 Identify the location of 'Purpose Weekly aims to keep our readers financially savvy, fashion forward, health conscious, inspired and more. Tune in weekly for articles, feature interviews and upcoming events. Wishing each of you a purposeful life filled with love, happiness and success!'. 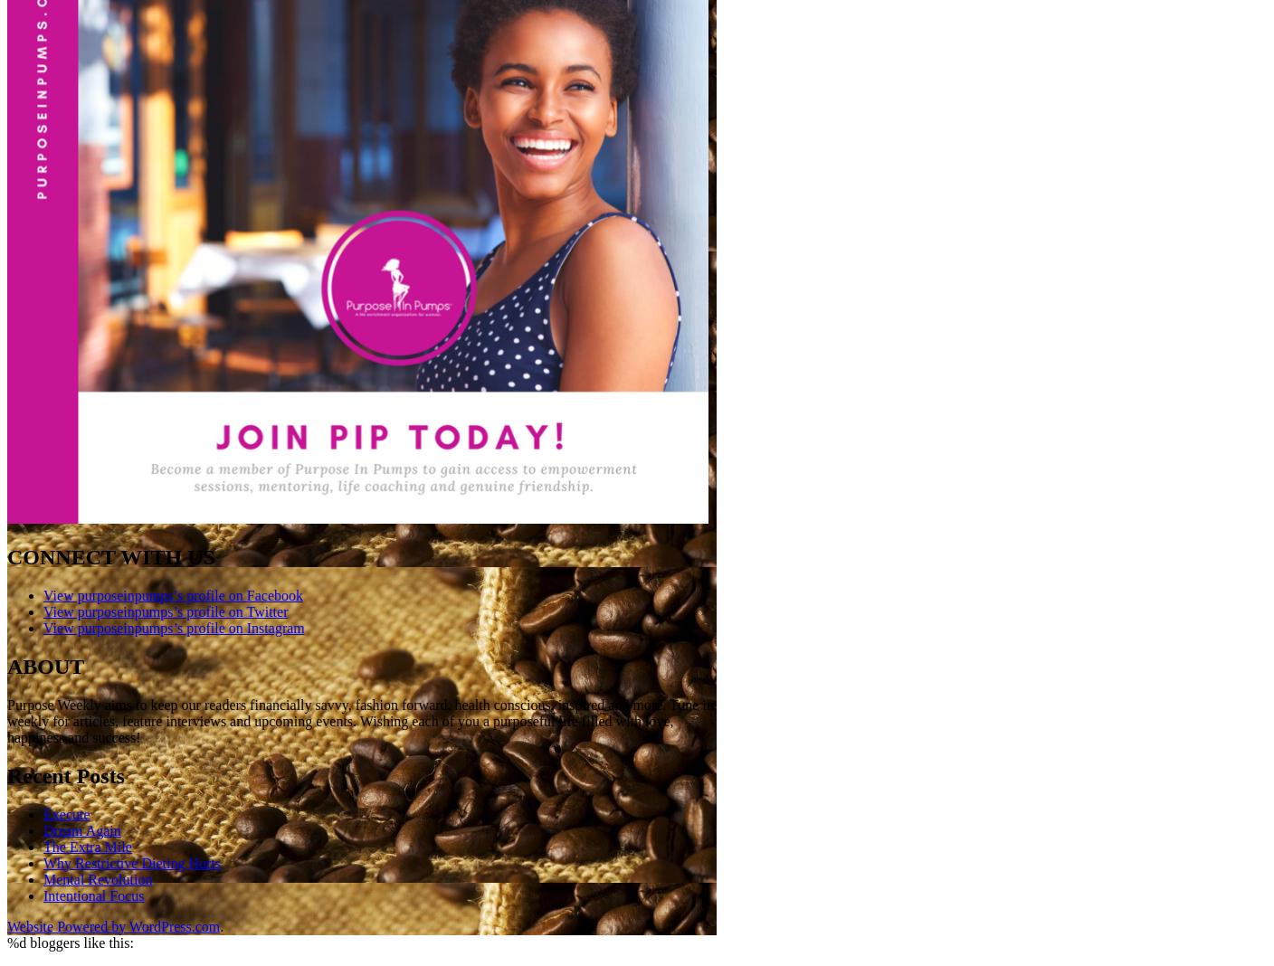
(359, 720).